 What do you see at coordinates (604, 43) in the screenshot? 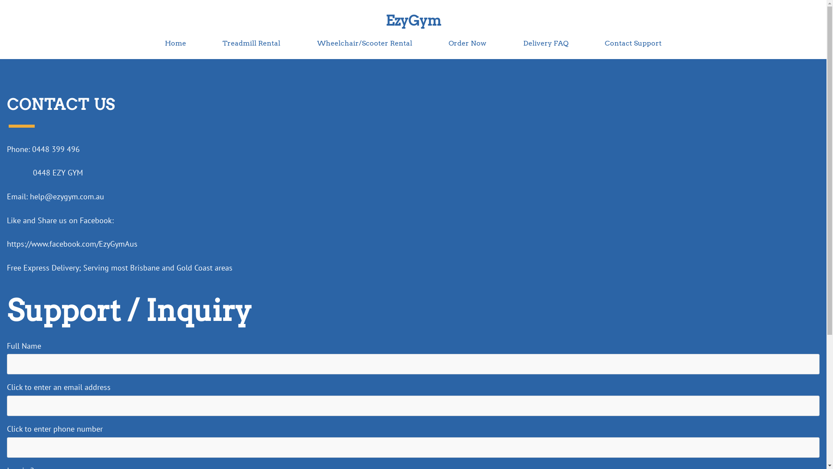
I see `'Contact Support'` at bounding box center [604, 43].